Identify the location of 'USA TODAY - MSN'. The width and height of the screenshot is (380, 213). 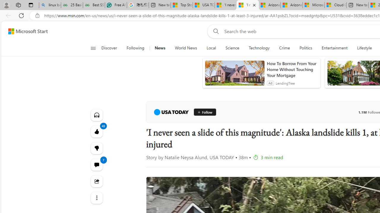
(204, 5).